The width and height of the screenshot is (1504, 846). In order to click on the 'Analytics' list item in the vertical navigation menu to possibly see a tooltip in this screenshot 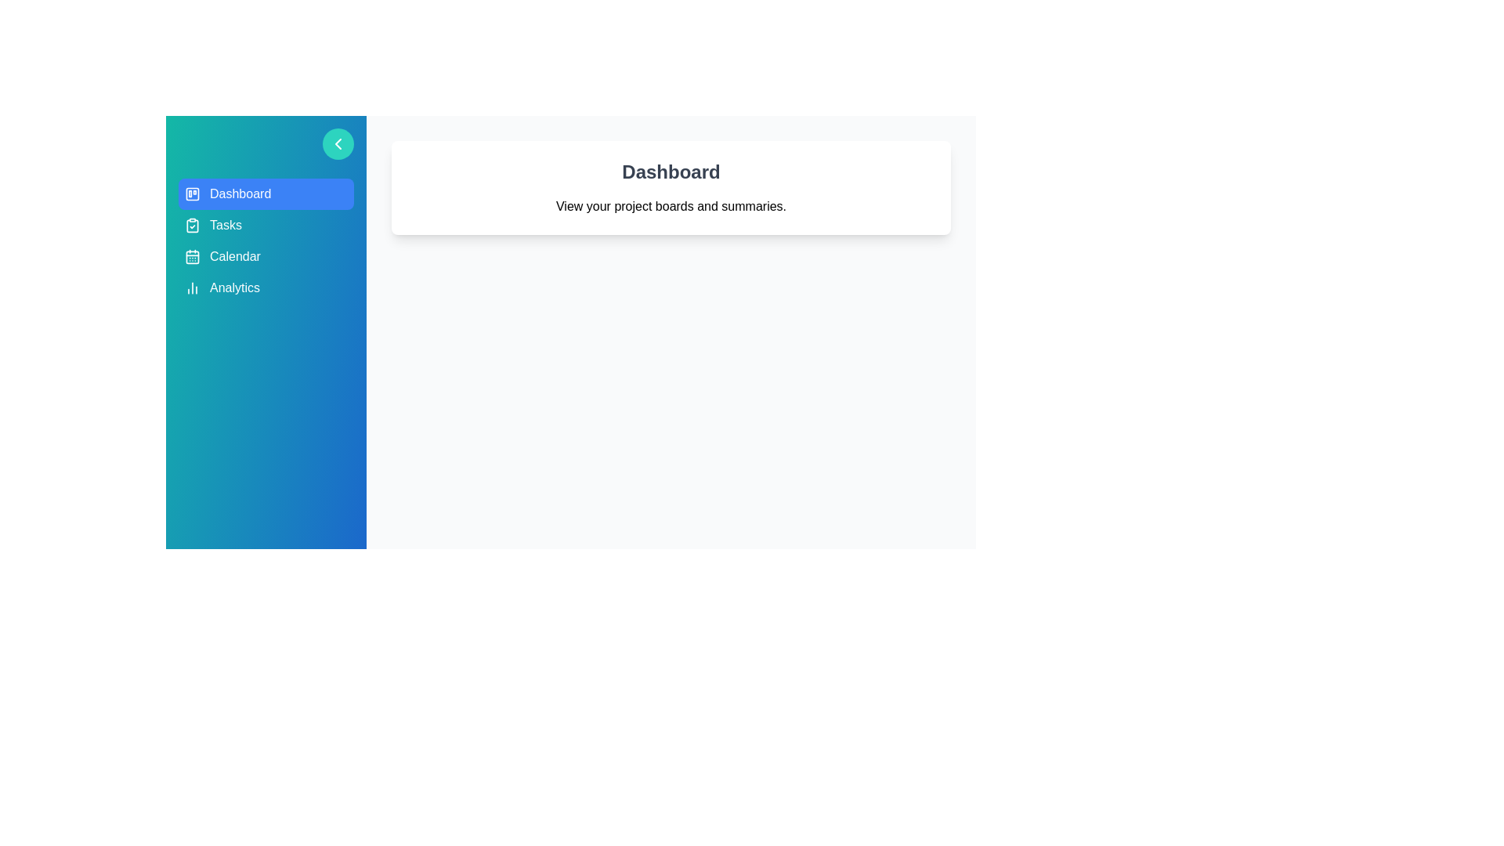, I will do `click(266, 287)`.